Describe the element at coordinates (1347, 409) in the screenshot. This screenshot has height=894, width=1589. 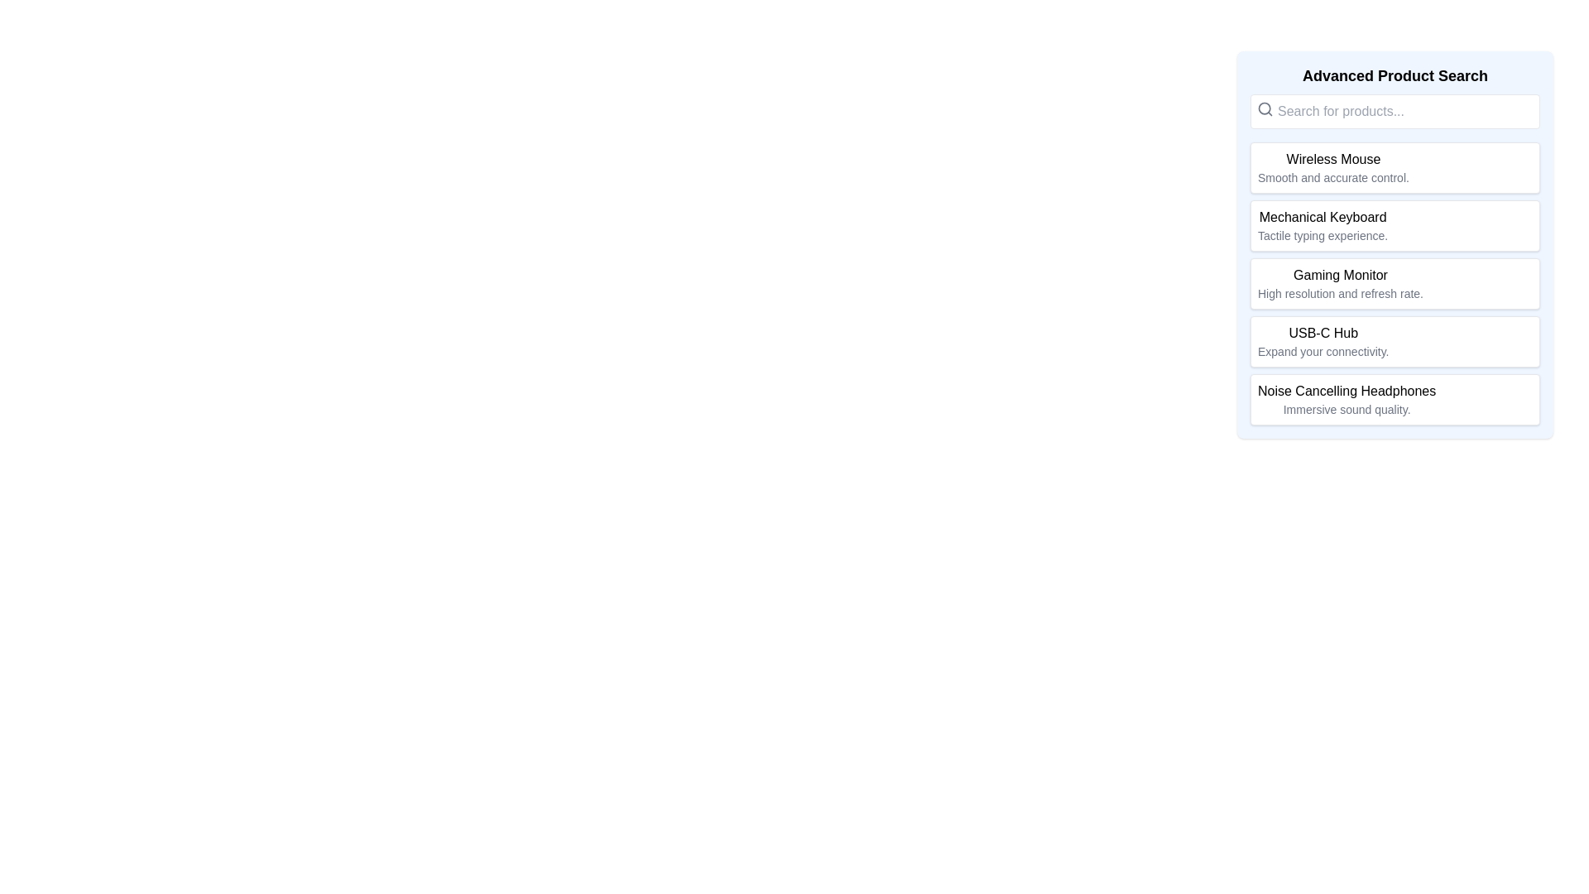
I see `the informational Text Label that provides additional details about 'Noise Cancelling Headphones', located below its title in the product card` at that location.